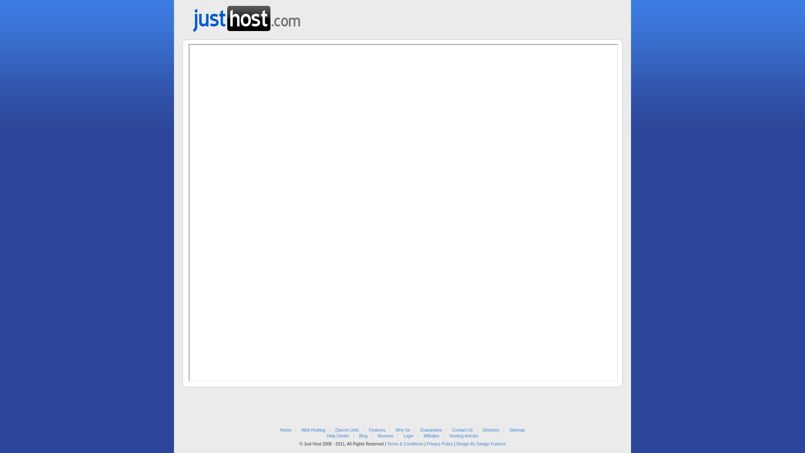  What do you see at coordinates (369, 430) in the screenshot?
I see `'Features'` at bounding box center [369, 430].